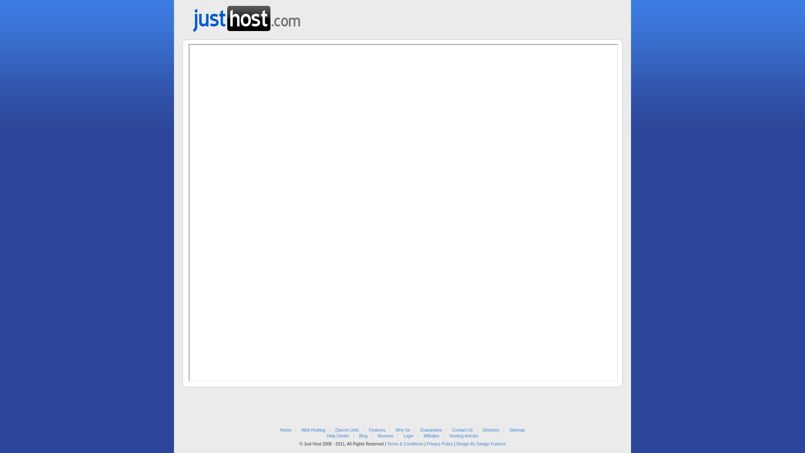  What do you see at coordinates (369, 430) in the screenshot?
I see `'Features'` at bounding box center [369, 430].